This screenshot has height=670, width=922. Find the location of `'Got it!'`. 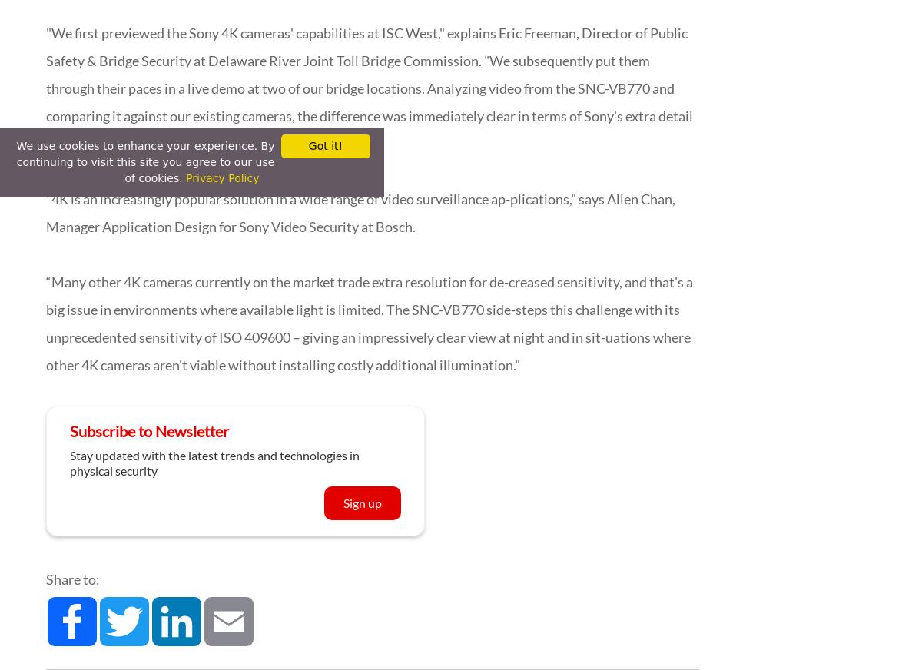

'Got it!' is located at coordinates (325, 146).